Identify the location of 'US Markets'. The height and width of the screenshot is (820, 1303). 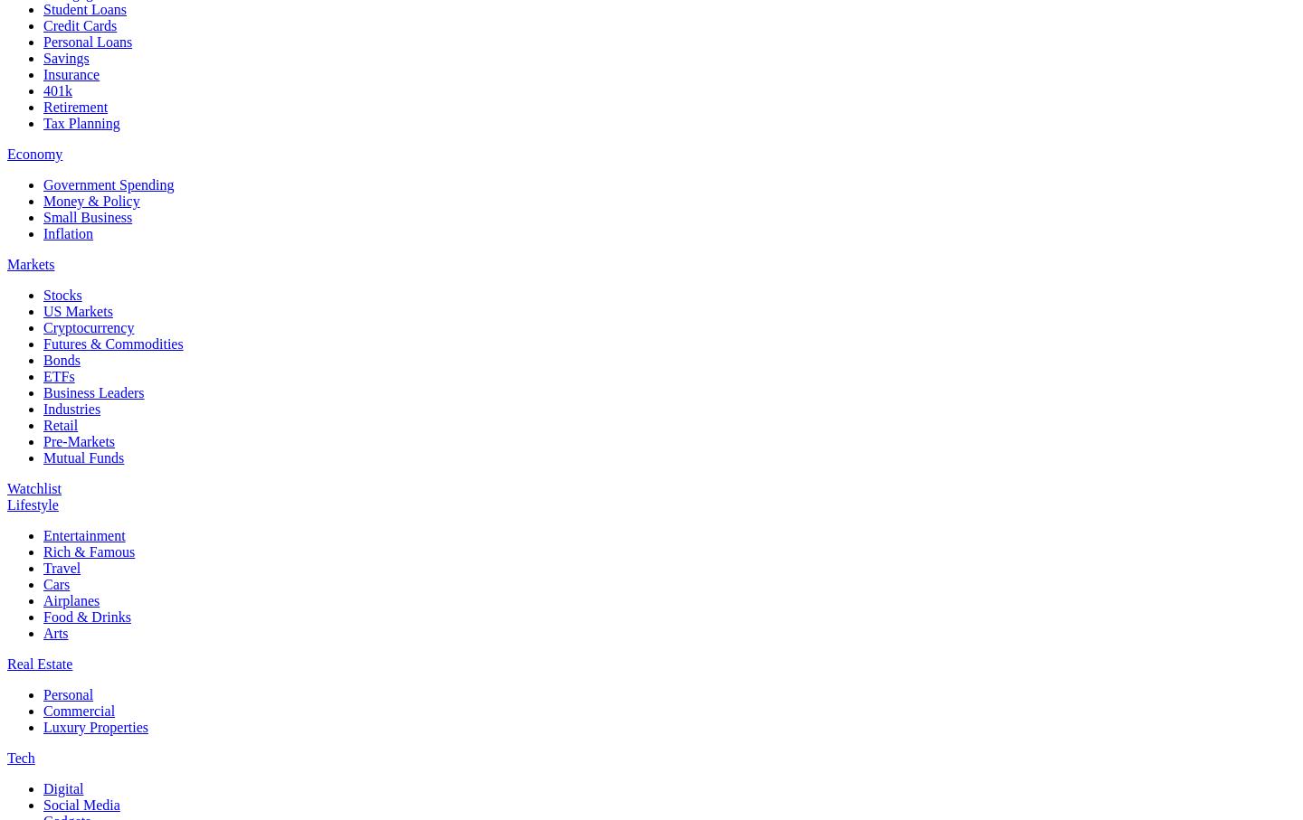
(77, 309).